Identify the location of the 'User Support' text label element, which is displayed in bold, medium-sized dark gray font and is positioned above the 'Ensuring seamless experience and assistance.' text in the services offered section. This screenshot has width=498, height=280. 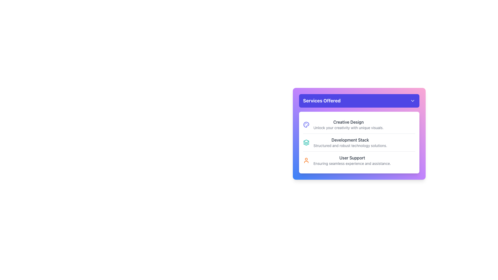
(352, 158).